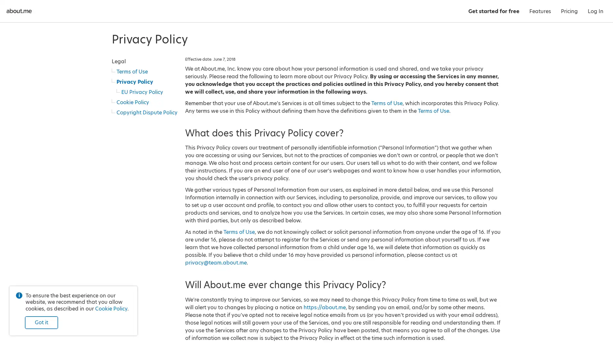 Image resolution: width=613 pixels, height=345 pixels. I want to click on Got it, so click(41, 323).